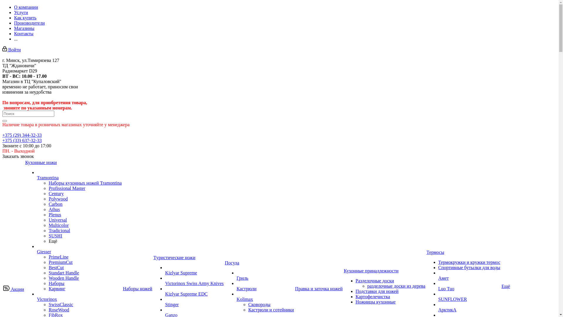  I want to click on '+375 (33) 637-32-33', so click(22, 140).